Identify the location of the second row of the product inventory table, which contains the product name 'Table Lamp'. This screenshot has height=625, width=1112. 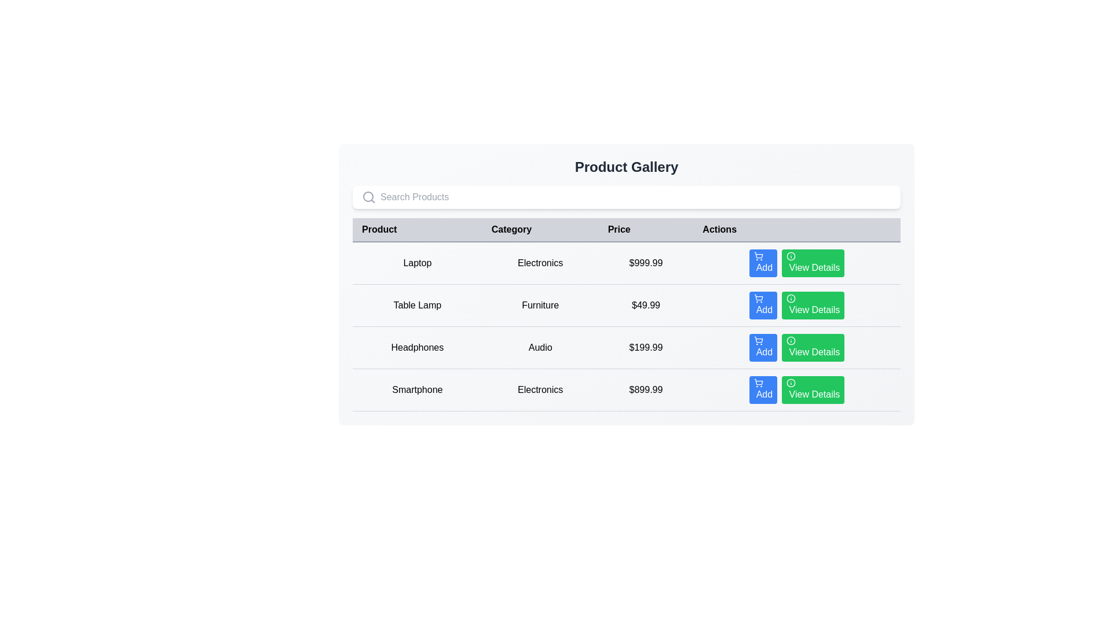
(625, 326).